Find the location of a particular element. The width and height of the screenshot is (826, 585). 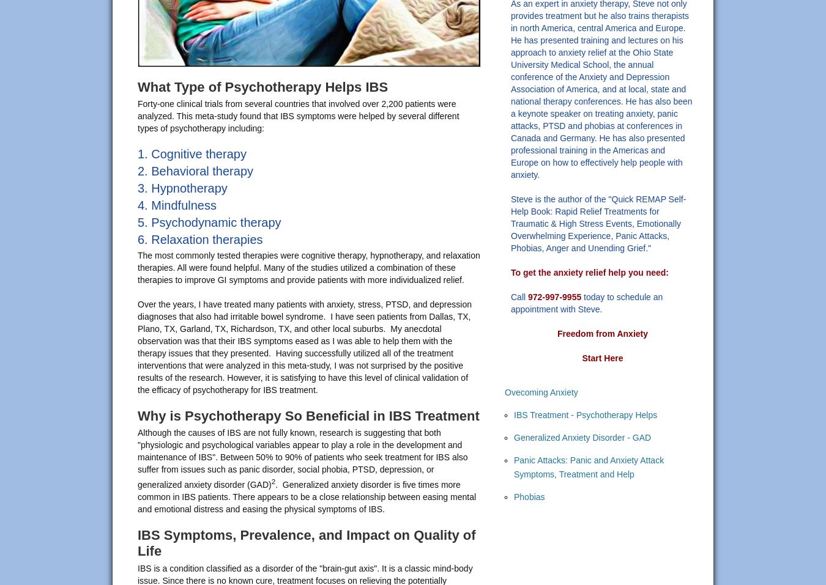

'Steve is the author of the "Quick REMAP Self-Help Book: Rapid Relief Treatments for Traumatic & High Stress Events, Emotionally Overwhelming Experience, Panic Attacks, Phobias, Anger and Unending Grief."' is located at coordinates (597, 223).